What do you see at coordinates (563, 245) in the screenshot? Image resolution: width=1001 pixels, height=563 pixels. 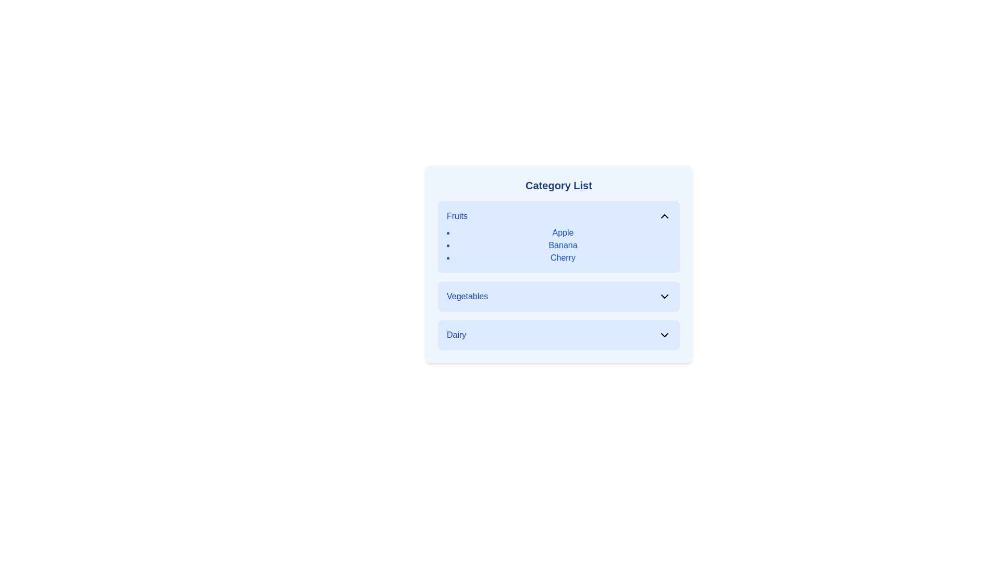 I see `the list item that reads 'Banana', which is the second item in the 'Fruits' section of the list` at bounding box center [563, 245].